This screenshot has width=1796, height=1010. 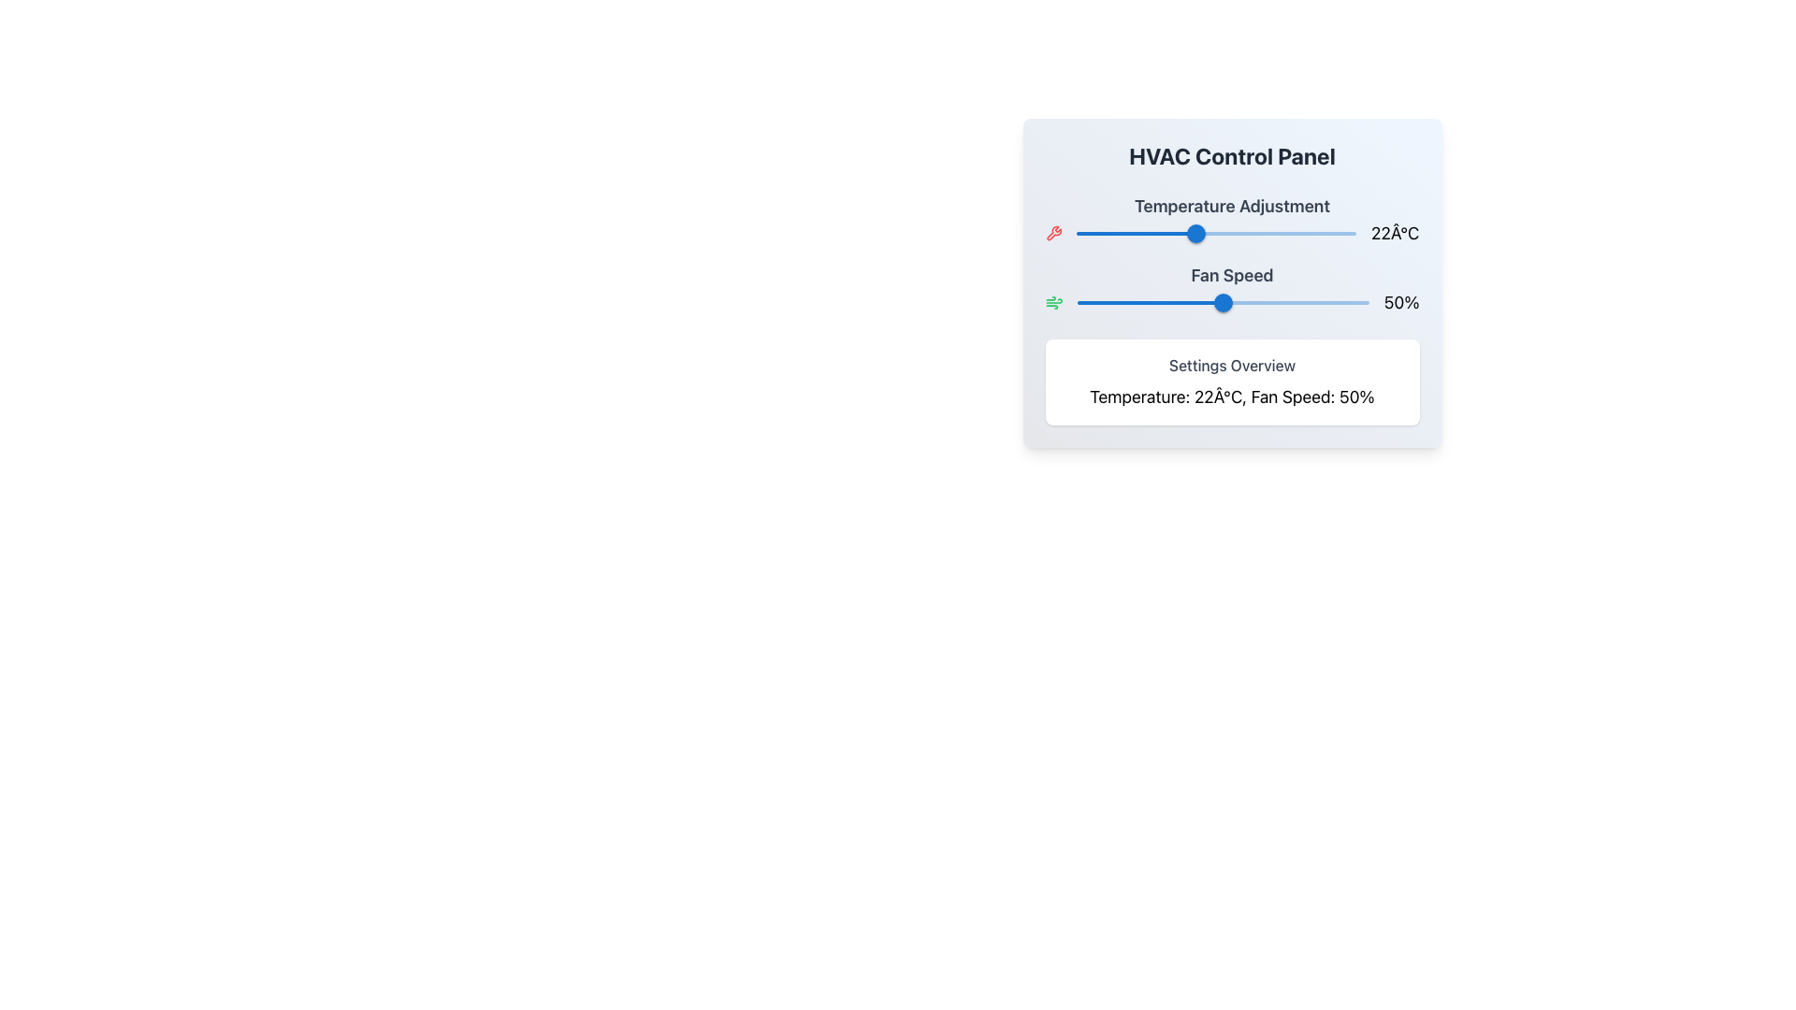 I want to click on fan speed, so click(x=1184, y=302).